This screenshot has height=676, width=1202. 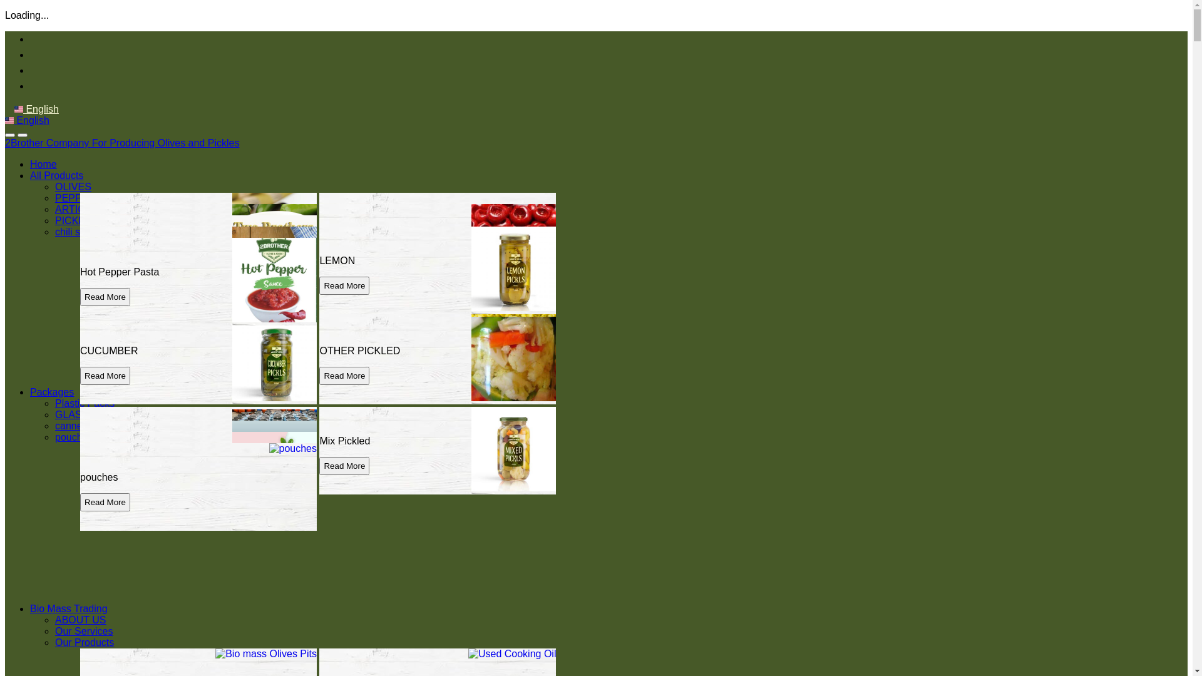 What do you see at coordinates (105, 353) in the screenshot?
I see `'Read More'` at bounding box center [105, 353].